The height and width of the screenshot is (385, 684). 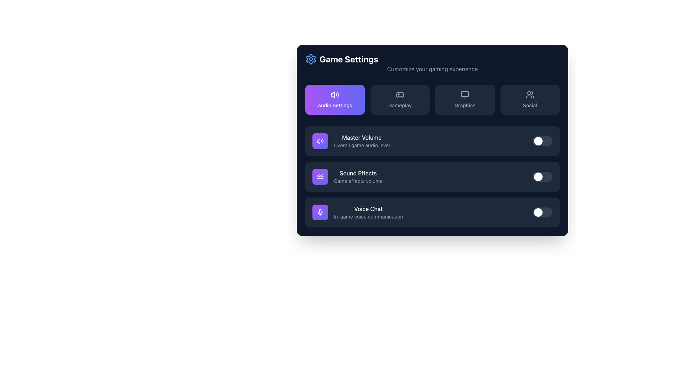 I want to click on the descriptive text label for the 'Master Volume' setting located in the audio settings panel, positioned directly beneath the 'Master Volume' label, so click(x=362, y=145).